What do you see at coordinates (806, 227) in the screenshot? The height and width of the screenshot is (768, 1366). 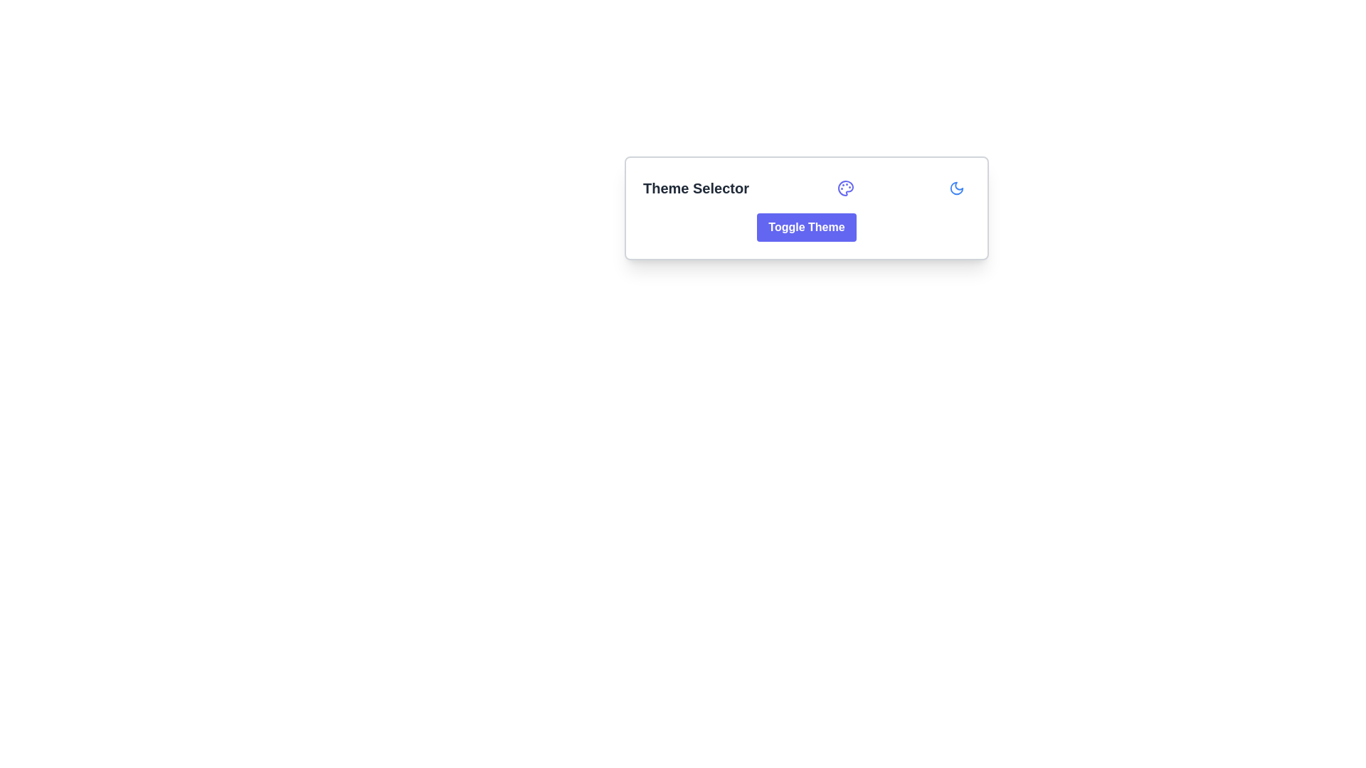 I see `the Theme Selector button that toggles the application's visual theme, located centrally beneath the title text and icon elements` at bounding box center [806, 227].